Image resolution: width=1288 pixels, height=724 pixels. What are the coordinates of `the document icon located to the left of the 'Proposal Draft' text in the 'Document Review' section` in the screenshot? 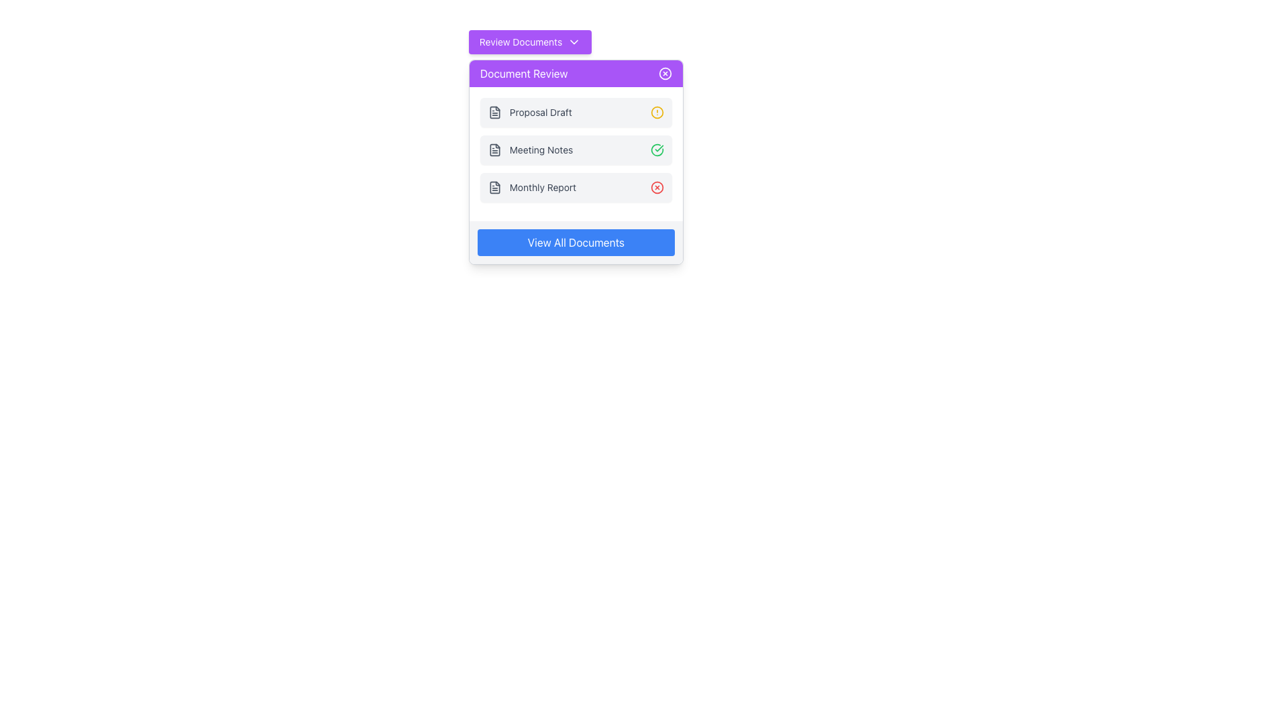 It's located at (494, 112).